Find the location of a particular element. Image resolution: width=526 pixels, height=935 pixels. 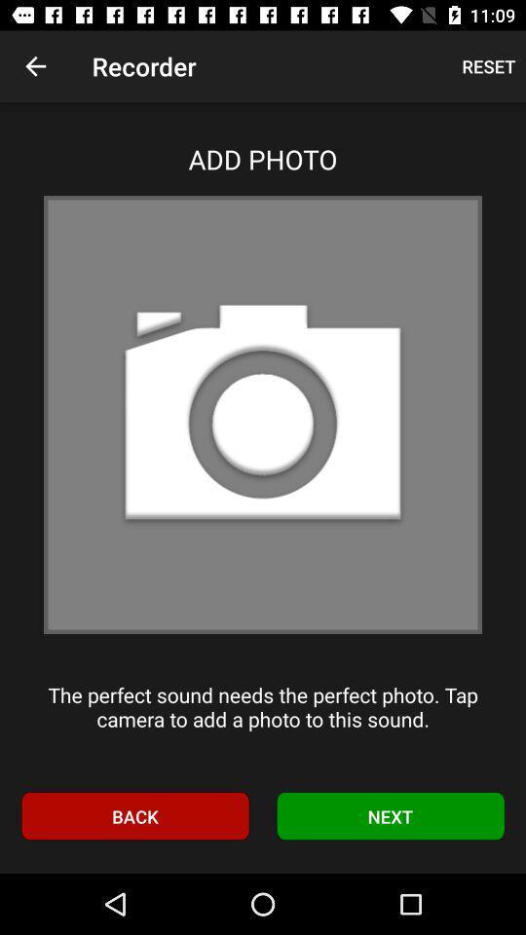

item above add photo is located at coordinates (35, 66).